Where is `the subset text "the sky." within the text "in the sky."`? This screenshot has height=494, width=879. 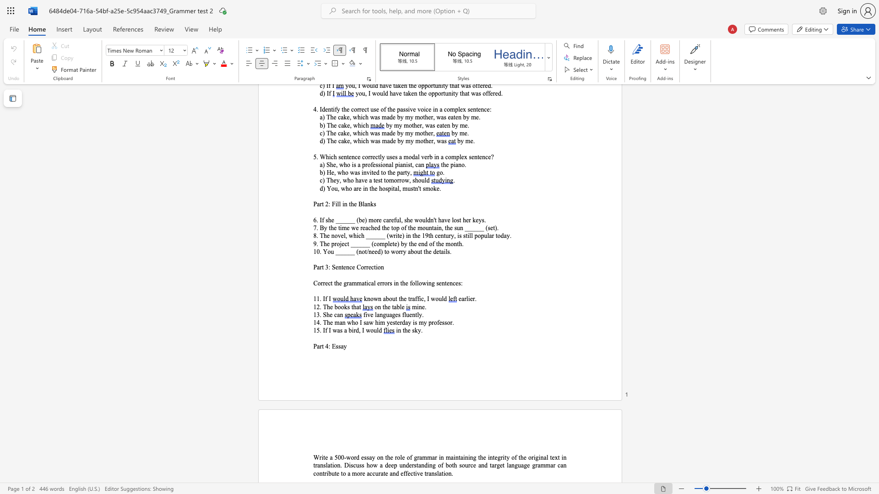 the subset text "the sky." within the text "in the sky." is located at coordinates (402, 330).